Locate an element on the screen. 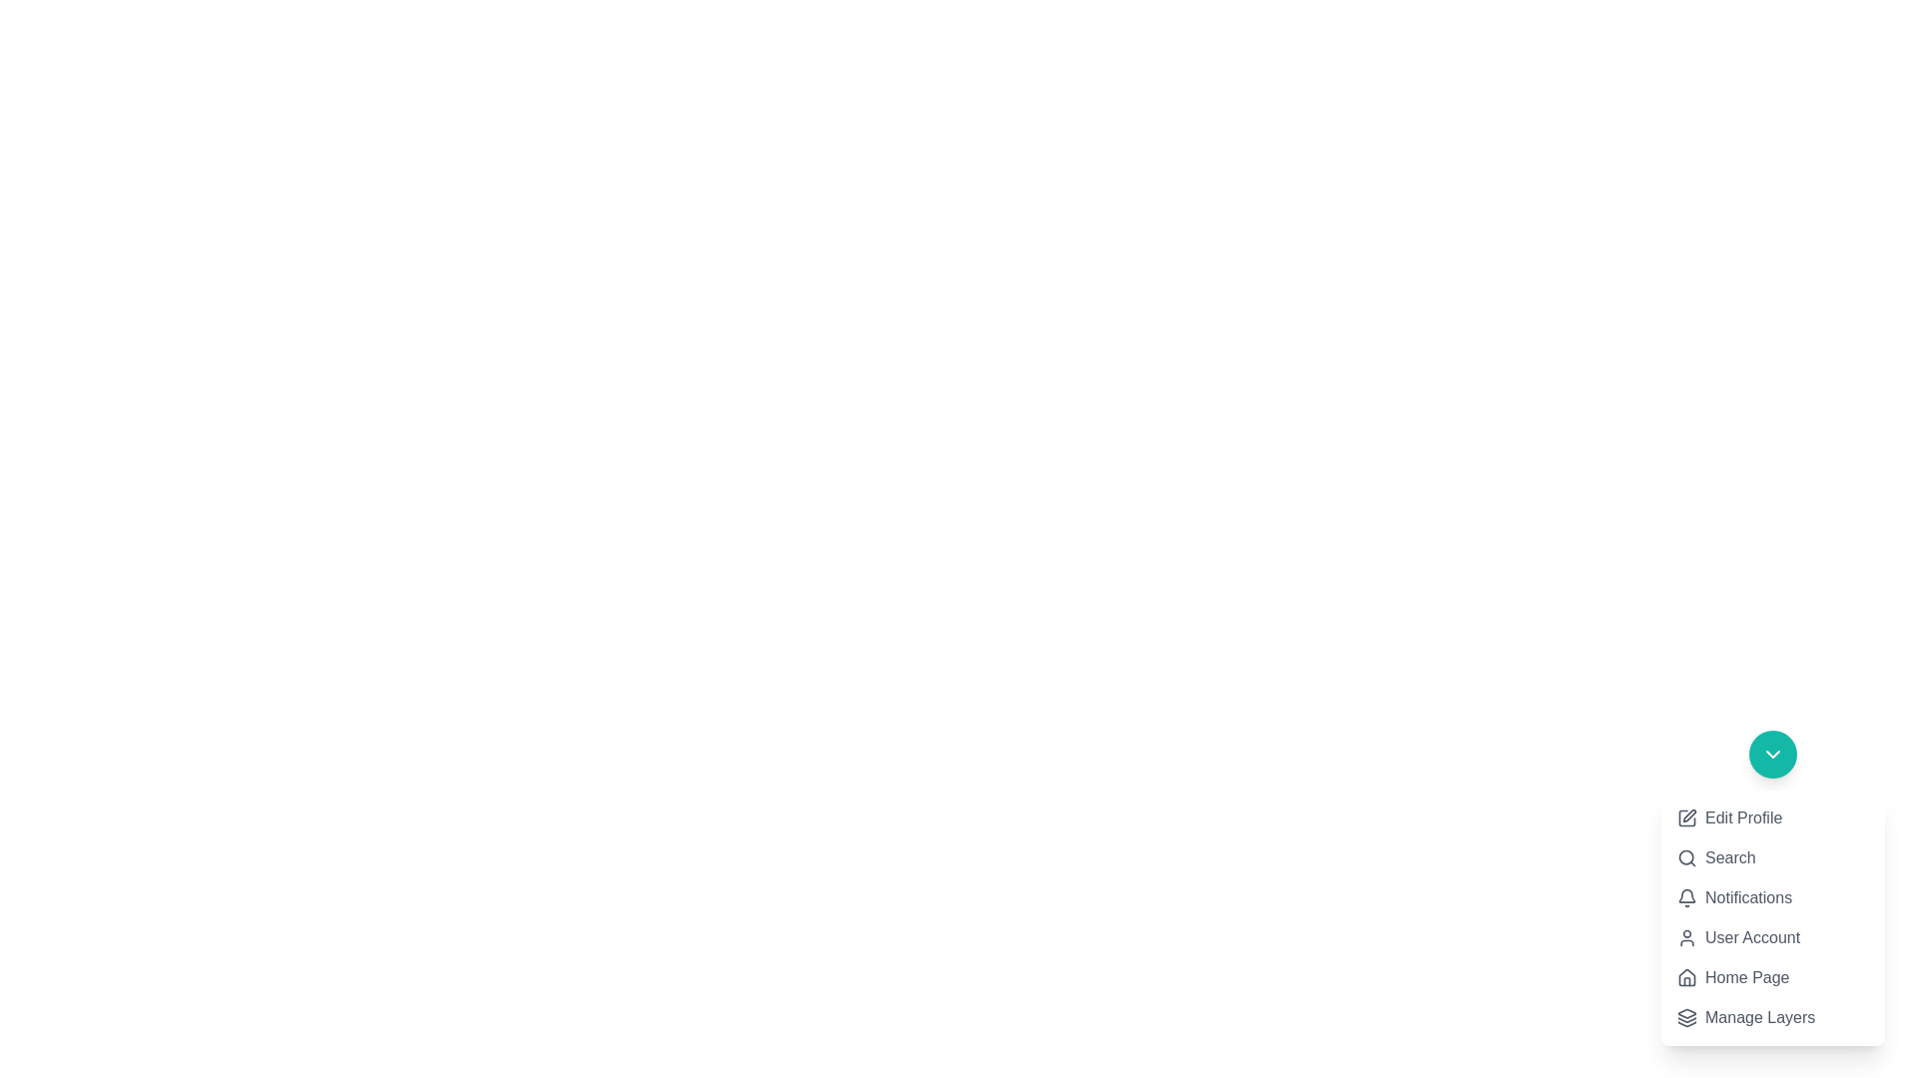 Image resolution: width=1917 pixels, height=1078 pixels. the circular teal button icon that indicates the ability to expand or collapse a menu for visual feedback is located at coordinates (1773, 755).